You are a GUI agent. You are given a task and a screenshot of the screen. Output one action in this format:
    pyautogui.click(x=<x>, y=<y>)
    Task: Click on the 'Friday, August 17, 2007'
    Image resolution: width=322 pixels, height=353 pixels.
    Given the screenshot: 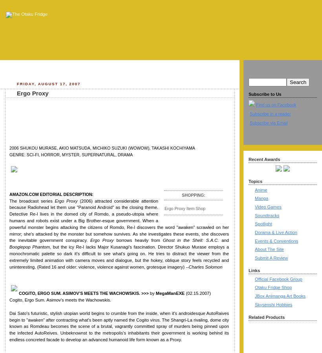 What is the action you would take?
    pyautogui.click(x=48, y=83)
    